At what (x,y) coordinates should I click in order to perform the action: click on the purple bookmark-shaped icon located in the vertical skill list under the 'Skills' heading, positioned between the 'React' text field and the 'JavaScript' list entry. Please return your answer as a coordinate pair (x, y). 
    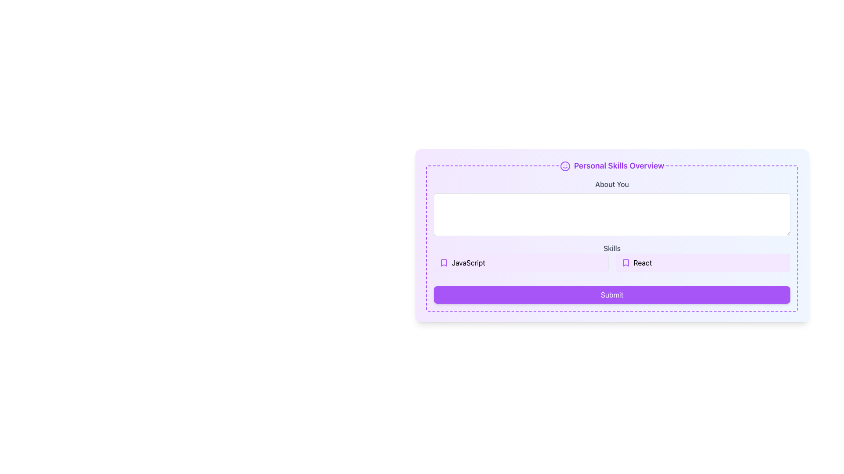
    Looking at the image, I should click on (444, 262).